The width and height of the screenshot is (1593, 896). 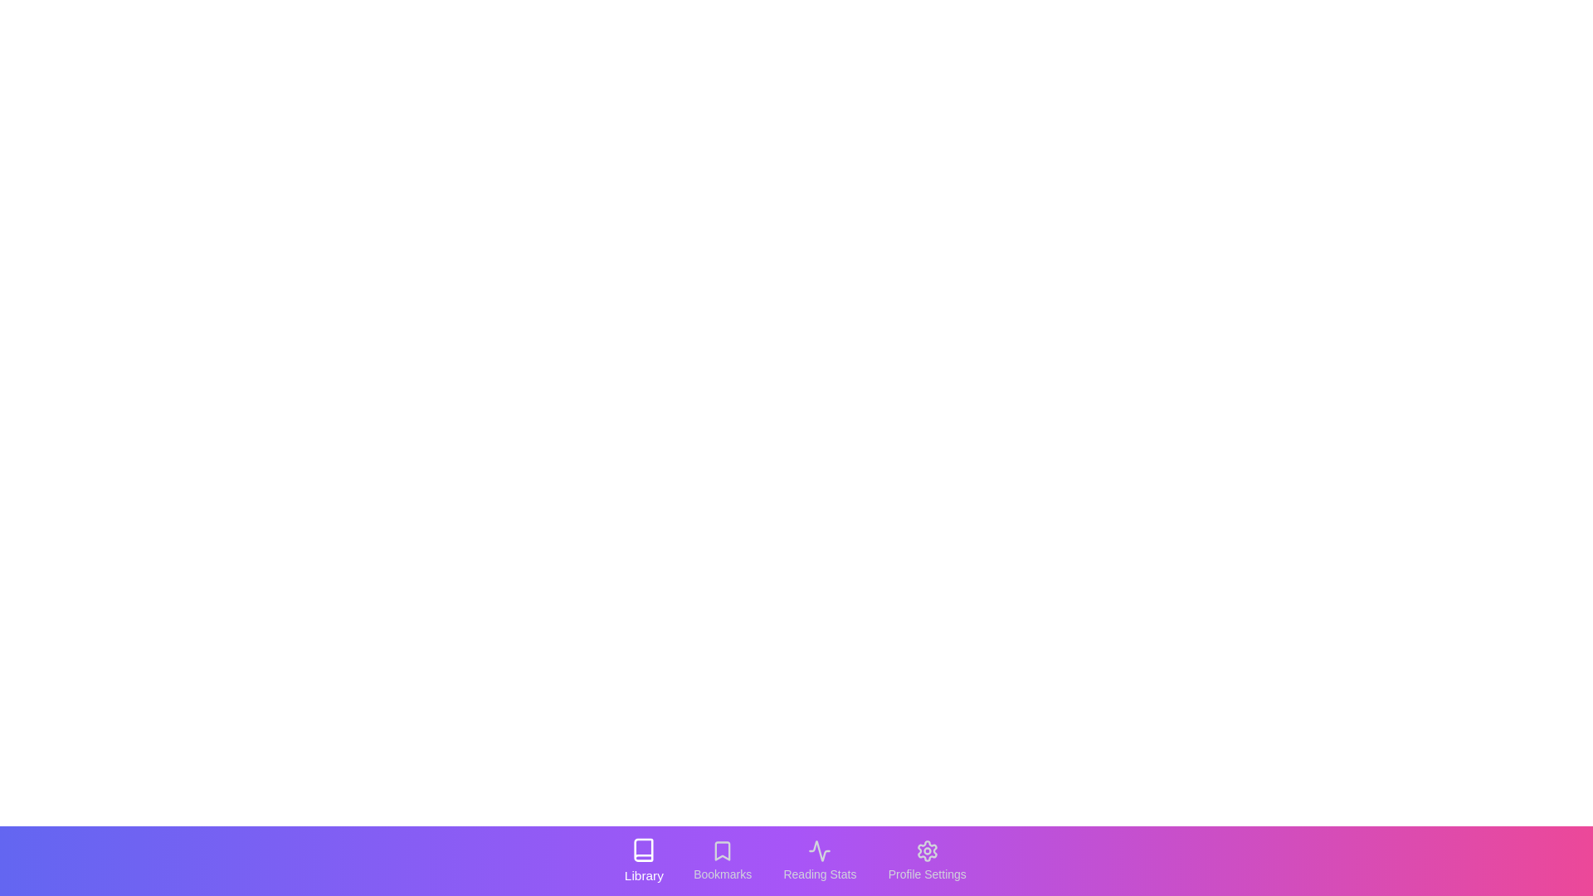 I want to click on the navigation tab Library, so click(x=643, y=859).